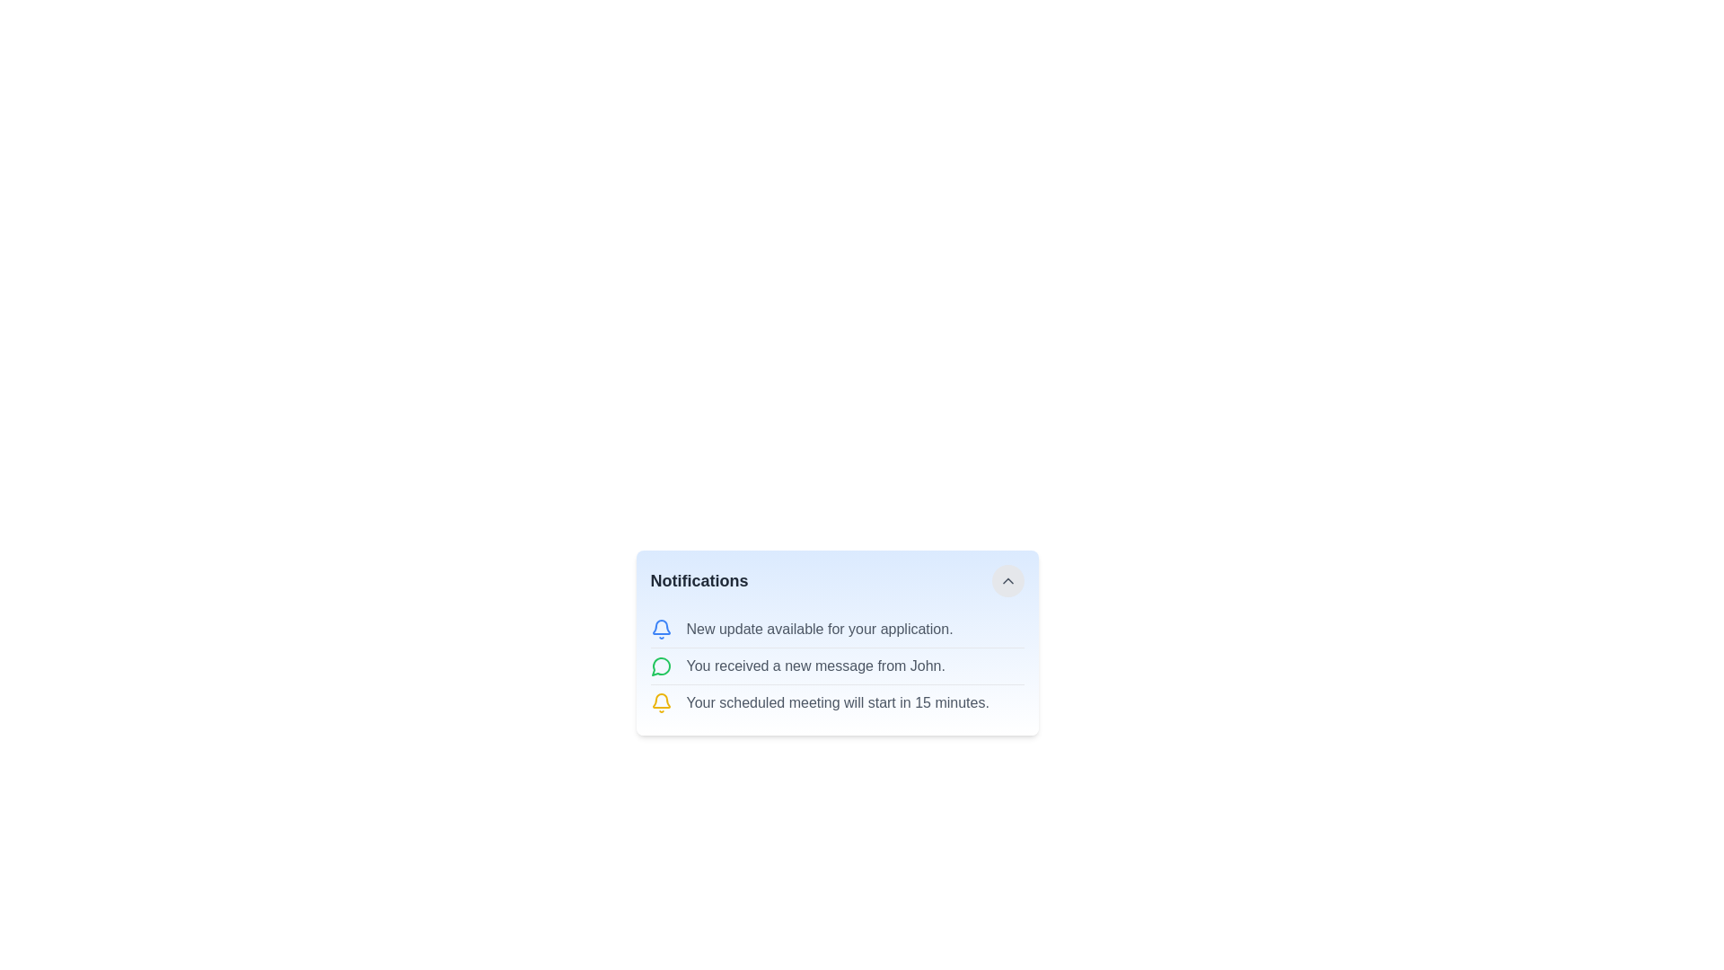 The height and width of the screenshot is (970, 1724). Describe the element at coordinates (1007, 581) in the screenshot. I see `the upward-pointing chevron icon button located at the top-right corner of the notification card interface` at that location.